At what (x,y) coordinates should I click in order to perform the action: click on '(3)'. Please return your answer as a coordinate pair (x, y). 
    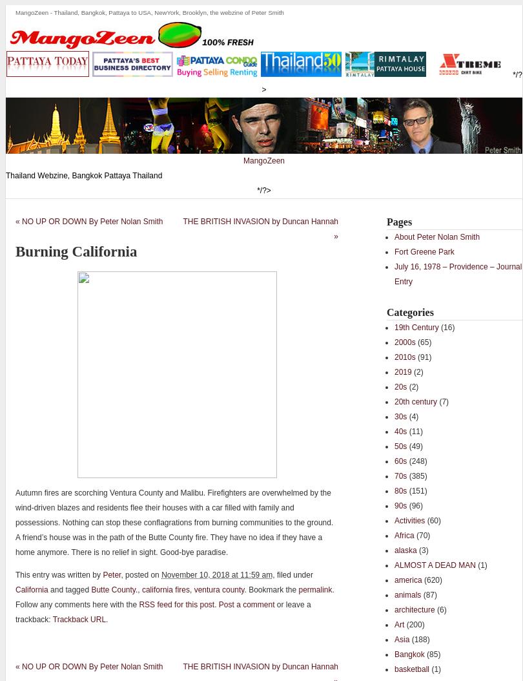
    Looking at the image, I should click on (421, 549).